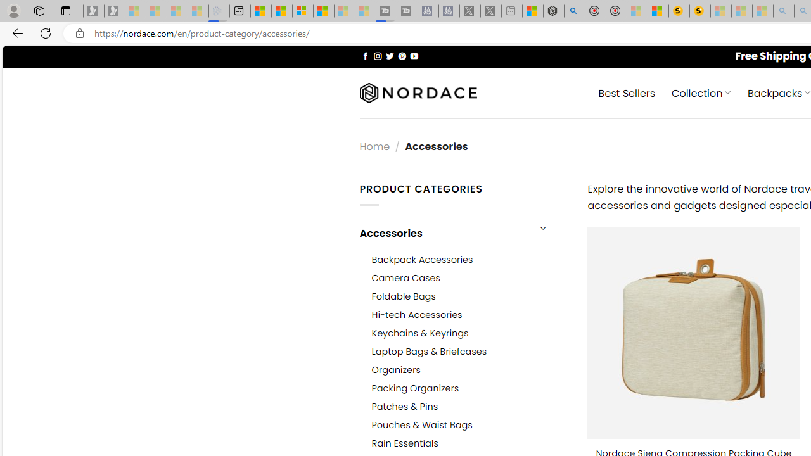 Image resolution: width=811 pixels, height=456 pixels. What do you see at coordinates (414, 55) in the screenshot?
I see `'Follow on YouTube'` at bounding box center [414, 55].